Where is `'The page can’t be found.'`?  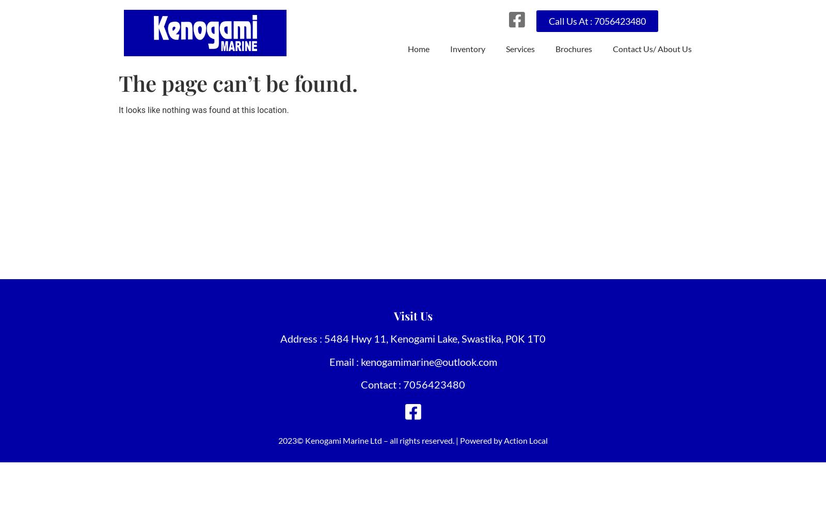
'The page can’t be found.' is located at coordinates (237, 83).